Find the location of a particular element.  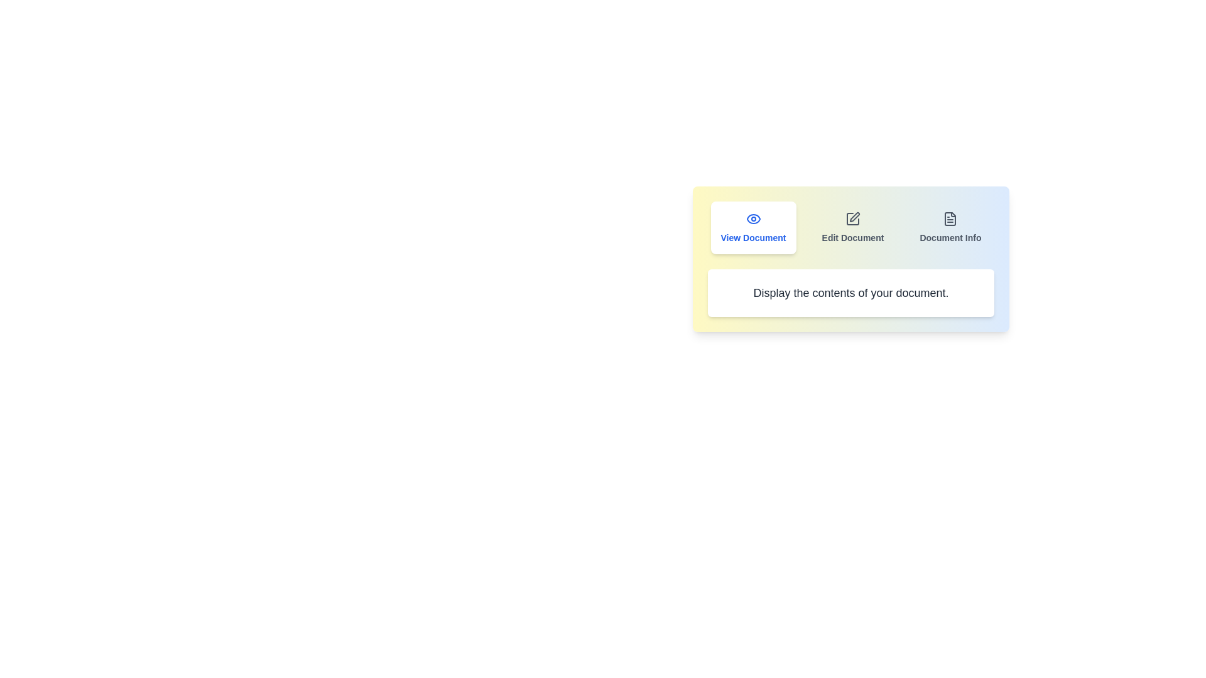

the tab labeled View Document is located at coordinates (753, 227).